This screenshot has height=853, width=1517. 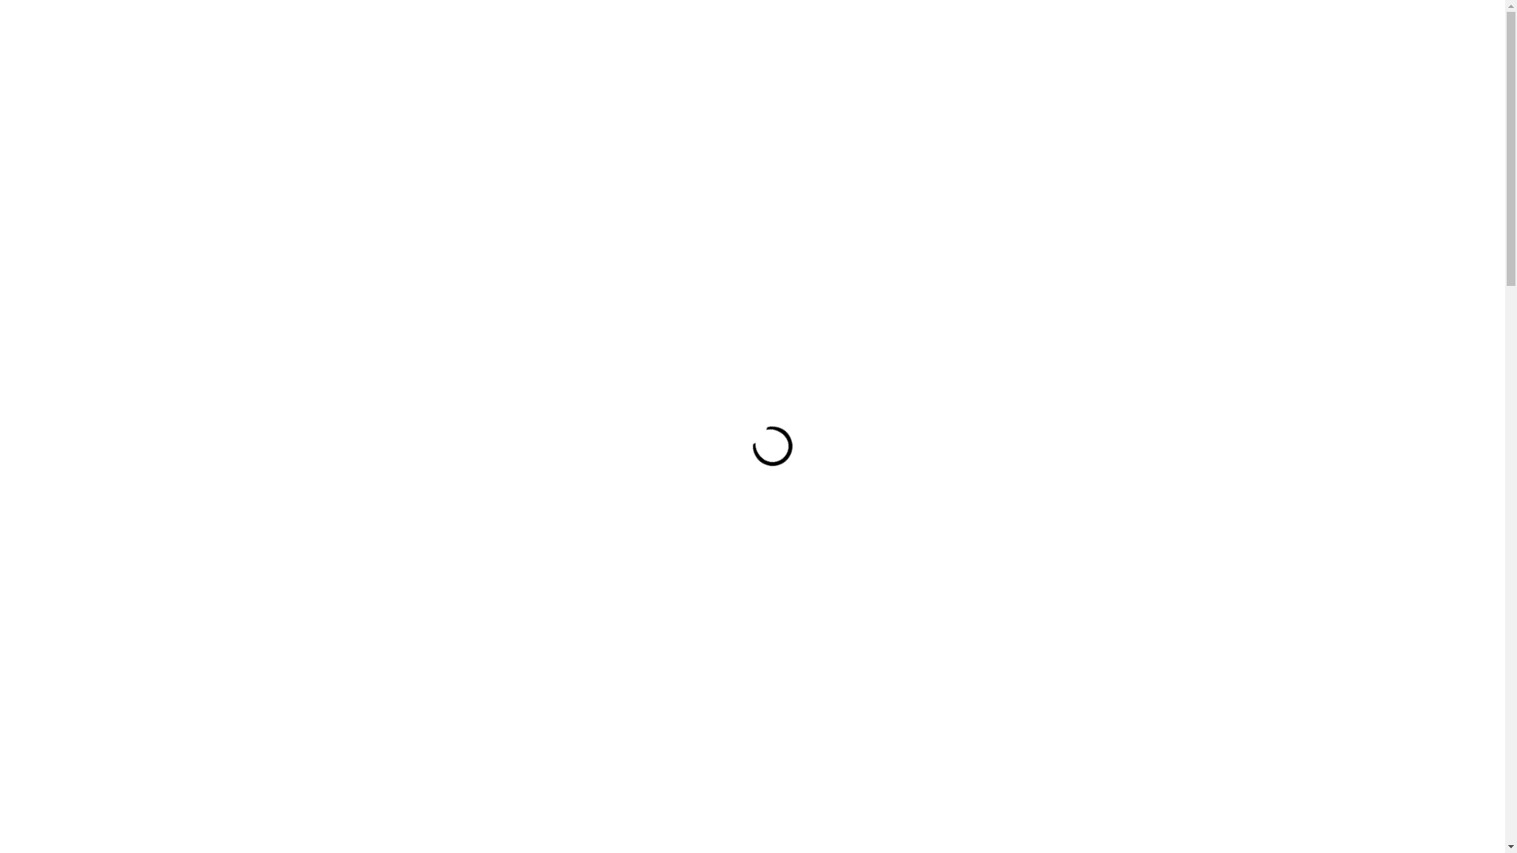 What do you see at coordinates (698, 115) in the screenshot?
I see `'window'` at bounding box center [698, 115].